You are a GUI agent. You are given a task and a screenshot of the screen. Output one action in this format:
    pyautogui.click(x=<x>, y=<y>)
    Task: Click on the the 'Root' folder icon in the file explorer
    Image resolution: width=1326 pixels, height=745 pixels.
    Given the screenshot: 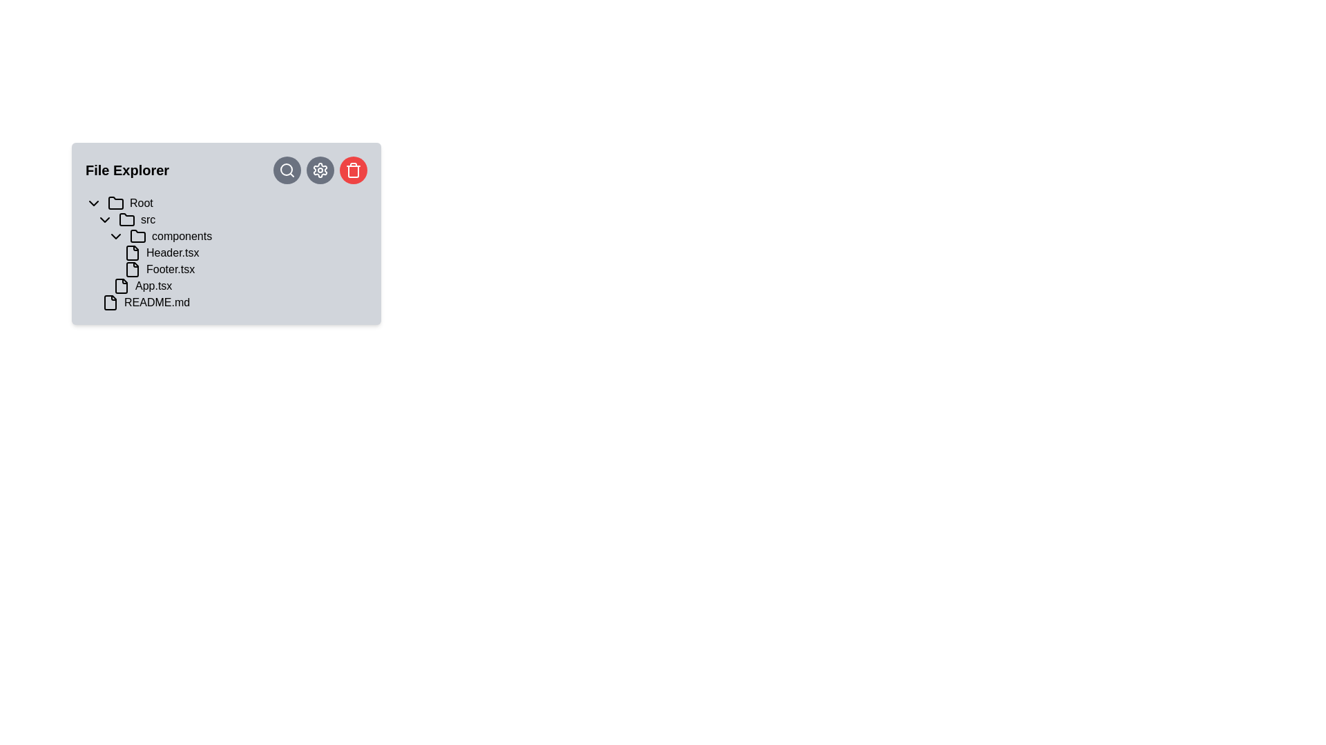 What is the action you would take?
    pyautogui.click(x=116, y=202)
    